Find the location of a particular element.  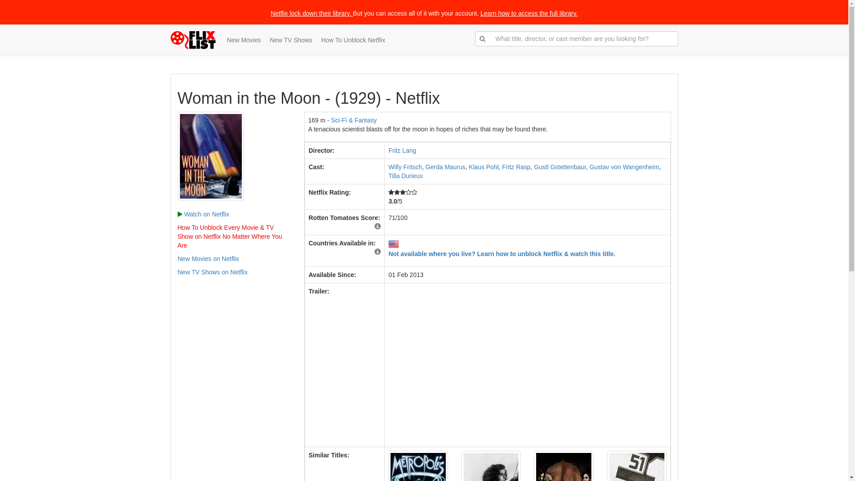

'New TV Shows' is located at coordinates (291, 39).